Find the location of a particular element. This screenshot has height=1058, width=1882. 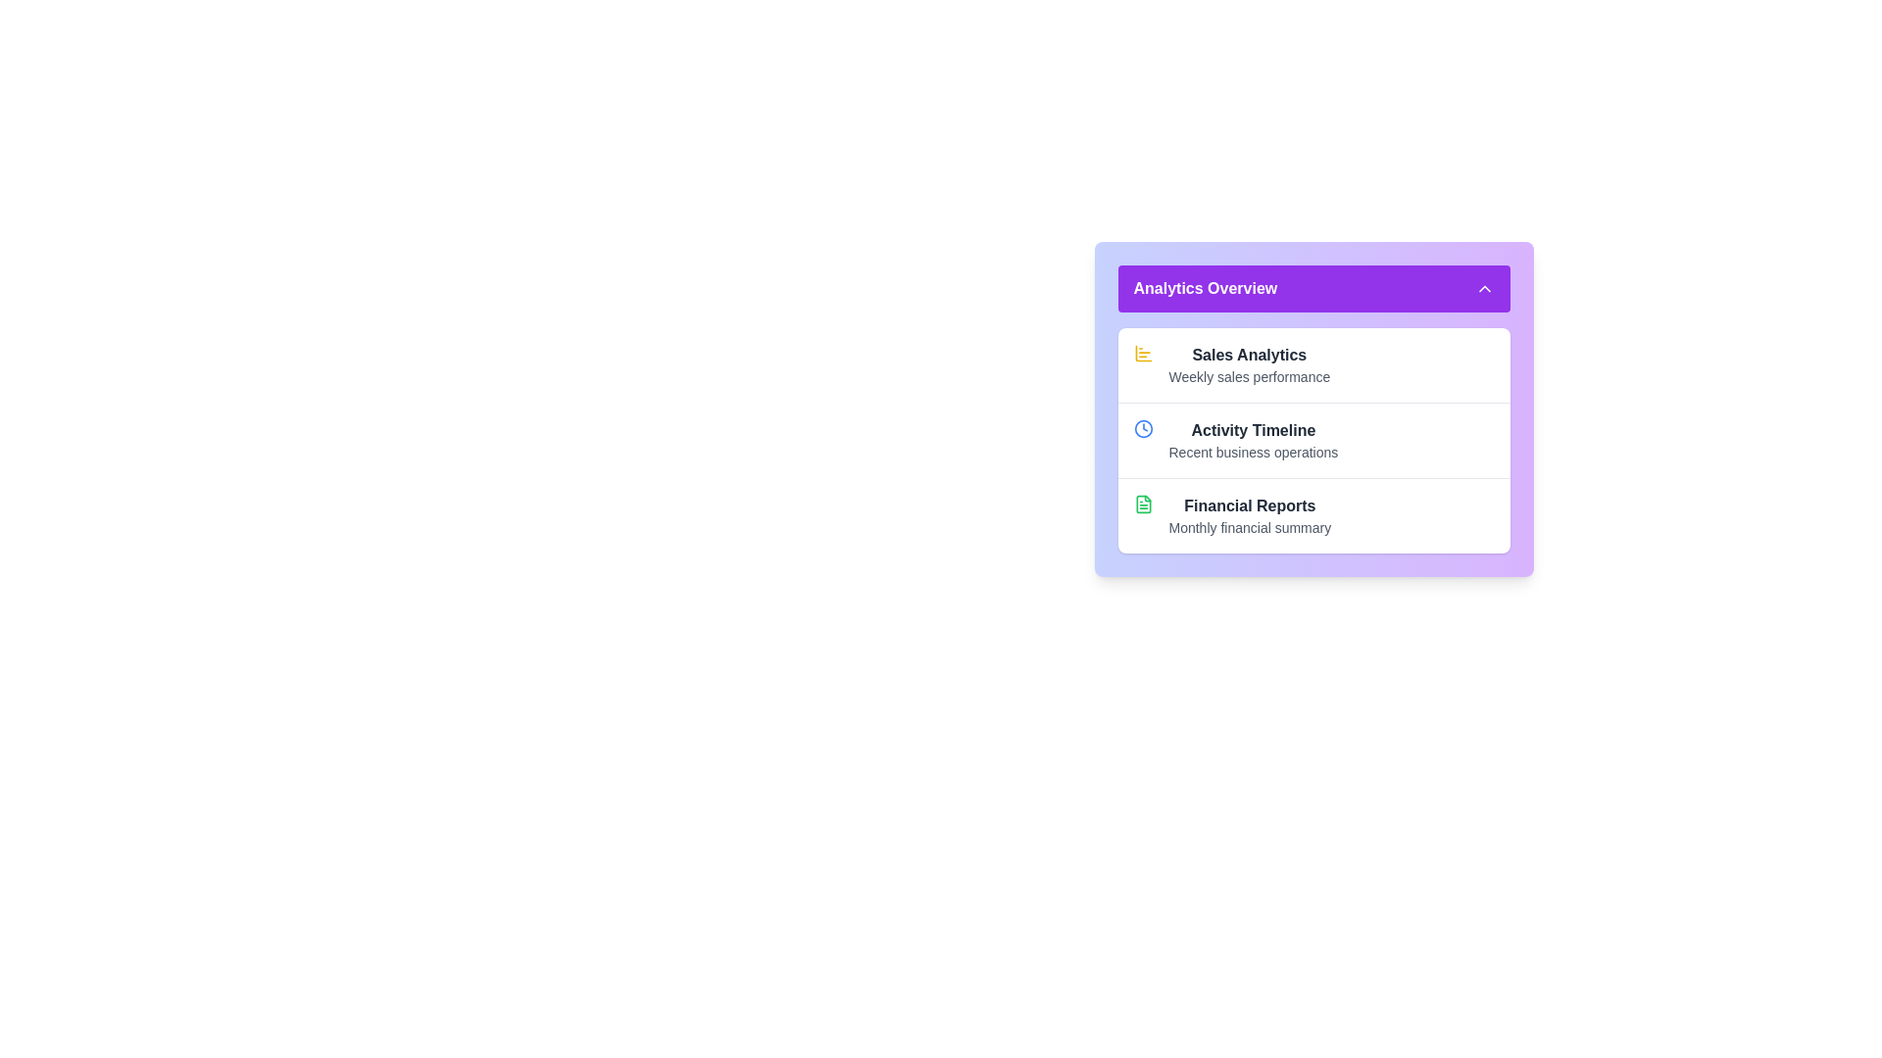

the bold text label reading 'Activity Timeline', which is the second item in the vertical list of options under 'Sales Analytics' and above 'Financial Reports' is located at coordinates (1252, 429).